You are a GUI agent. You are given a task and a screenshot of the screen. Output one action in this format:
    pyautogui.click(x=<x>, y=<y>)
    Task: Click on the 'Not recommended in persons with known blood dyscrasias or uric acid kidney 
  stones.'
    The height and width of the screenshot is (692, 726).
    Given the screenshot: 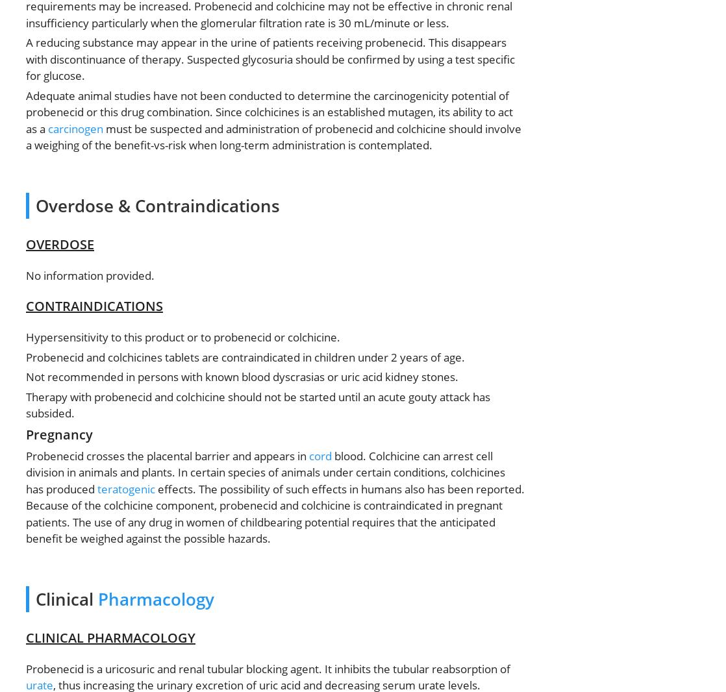 What is the action you would take?
    pyautogui.click(x=26, y=376)
    